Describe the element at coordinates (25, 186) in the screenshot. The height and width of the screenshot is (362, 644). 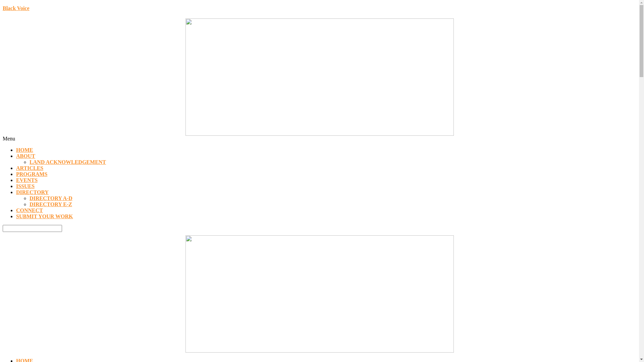
I see `'ISSUES'` at that location.